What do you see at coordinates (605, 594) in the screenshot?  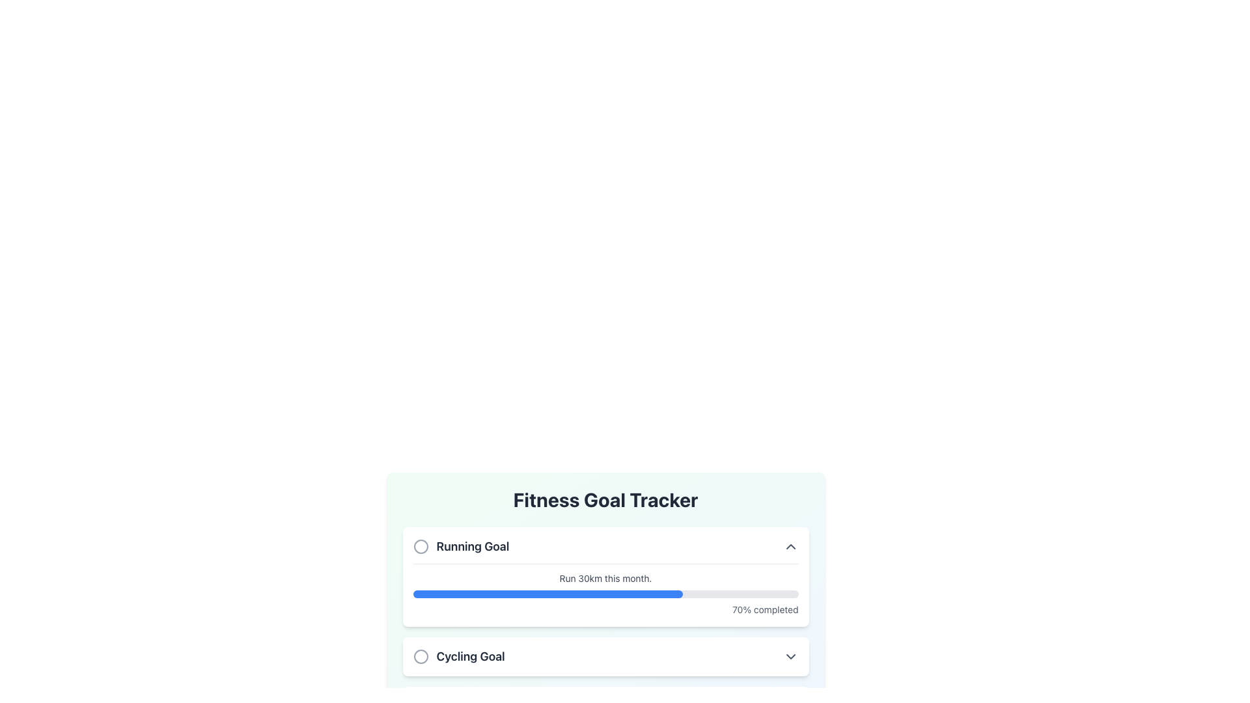 I see `the Progress Bar located within the 'Running Goal' section, which visually represents the completion percentage of the goal, currently showing '70% completed'` at bounding box center [605, 594].